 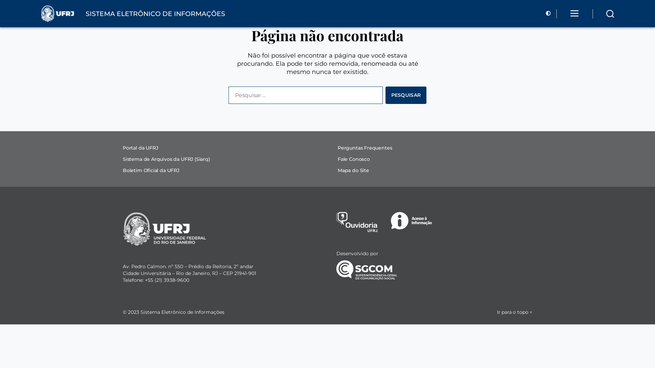 What do you see at coordinates (353, 170) in the screenshot?
I see `'Mapa do Site'` at bounding box center [353, 170].